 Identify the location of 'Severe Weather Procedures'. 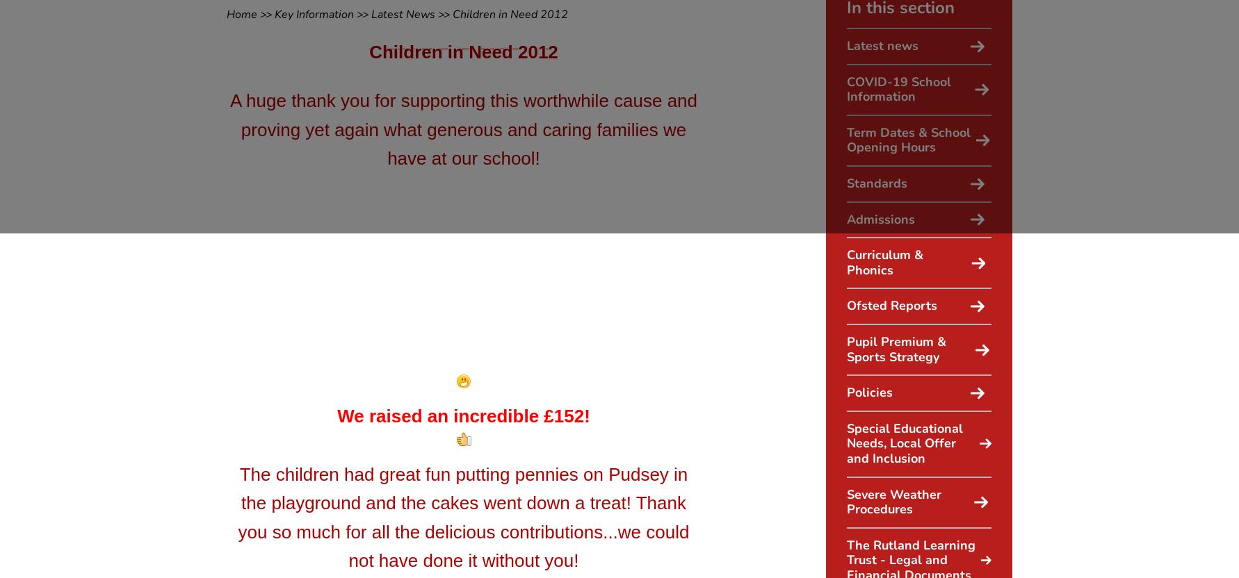
(845, 501).